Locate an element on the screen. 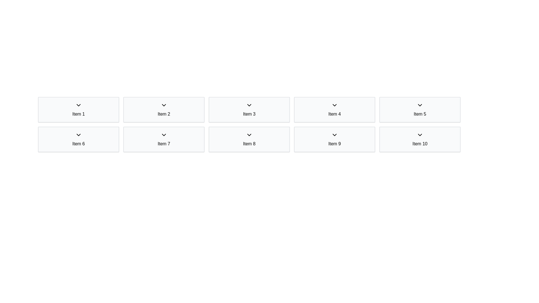 This screenshot has width=539, height=303. the interactive card representing 'Item 2' located is located at coordinates (164, 109).